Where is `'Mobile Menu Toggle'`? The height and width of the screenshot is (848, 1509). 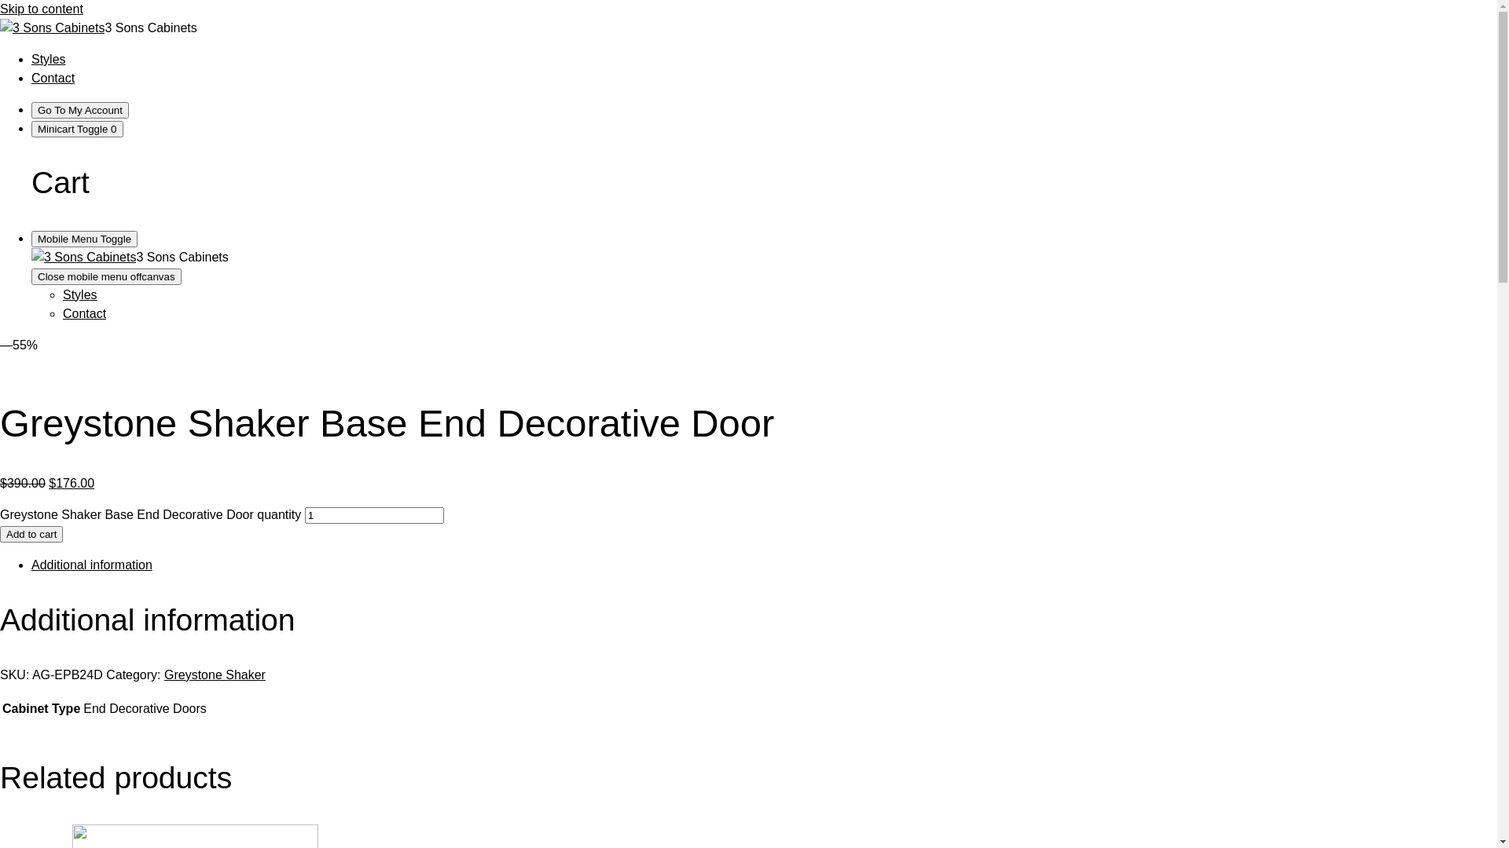 'Mobile Menu Toggle' is located at coordinates (83, 239).